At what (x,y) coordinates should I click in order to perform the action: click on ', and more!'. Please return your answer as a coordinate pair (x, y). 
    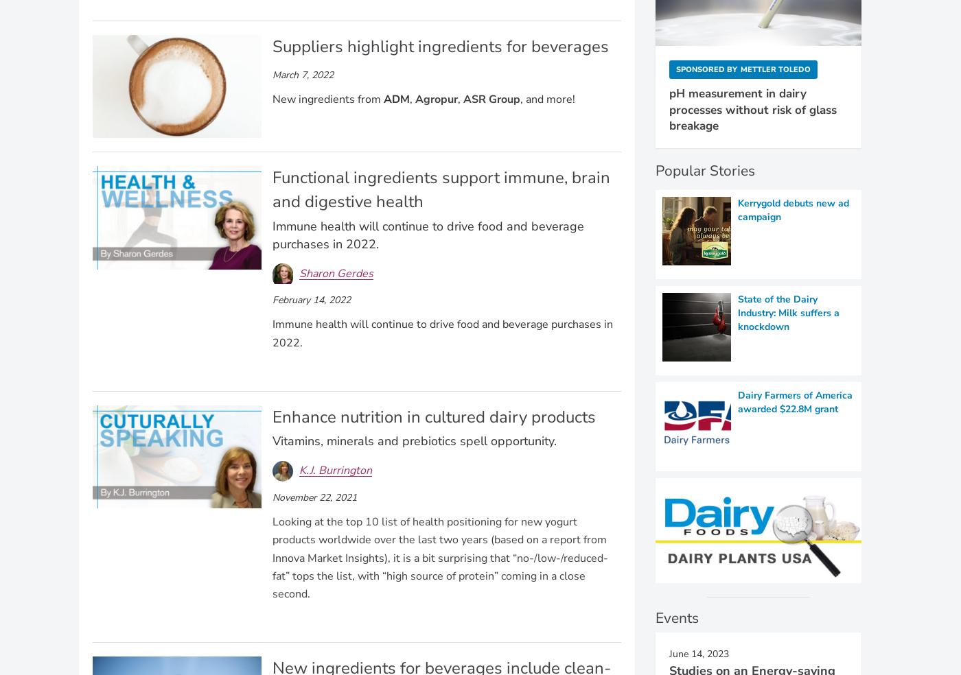
    Looking at the image, I should click on (547, 98).